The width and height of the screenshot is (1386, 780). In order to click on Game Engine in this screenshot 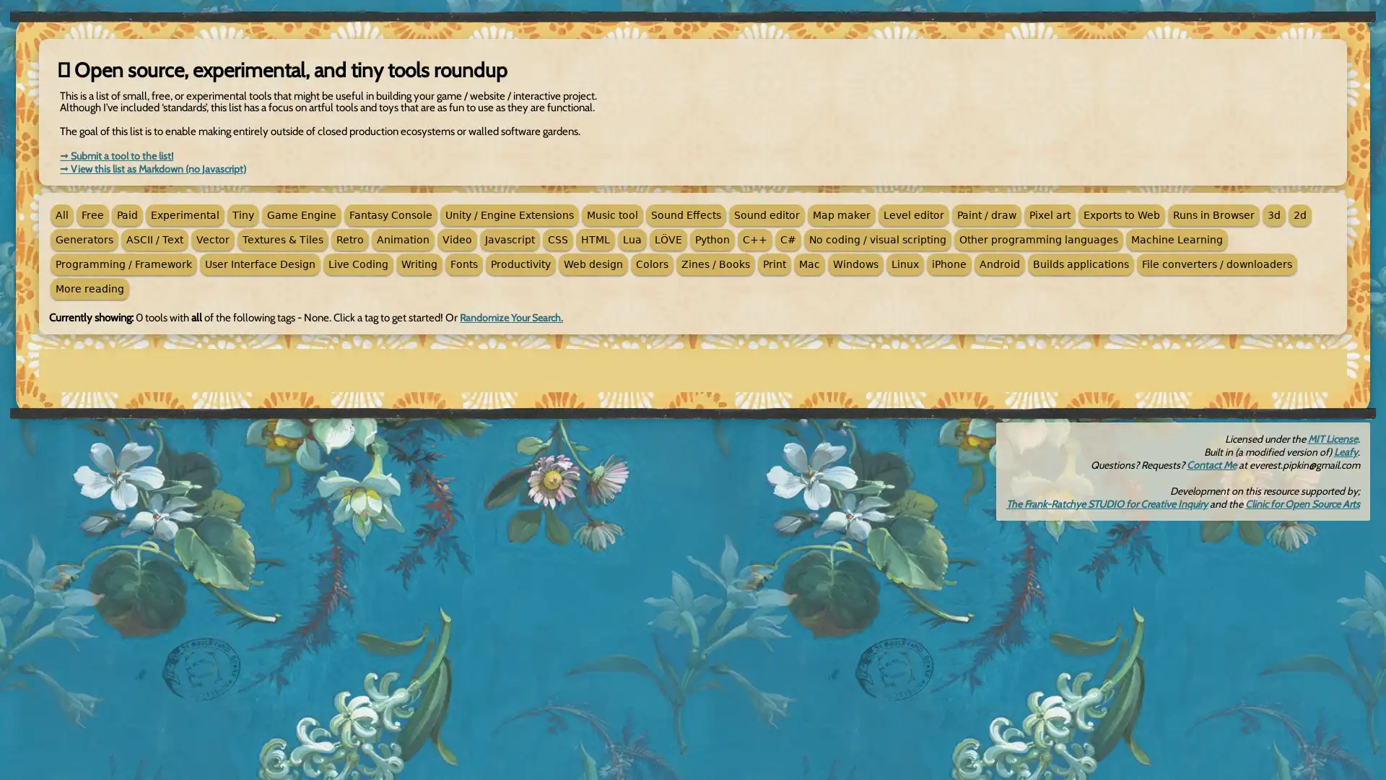, I will do `click(300, 214)`.